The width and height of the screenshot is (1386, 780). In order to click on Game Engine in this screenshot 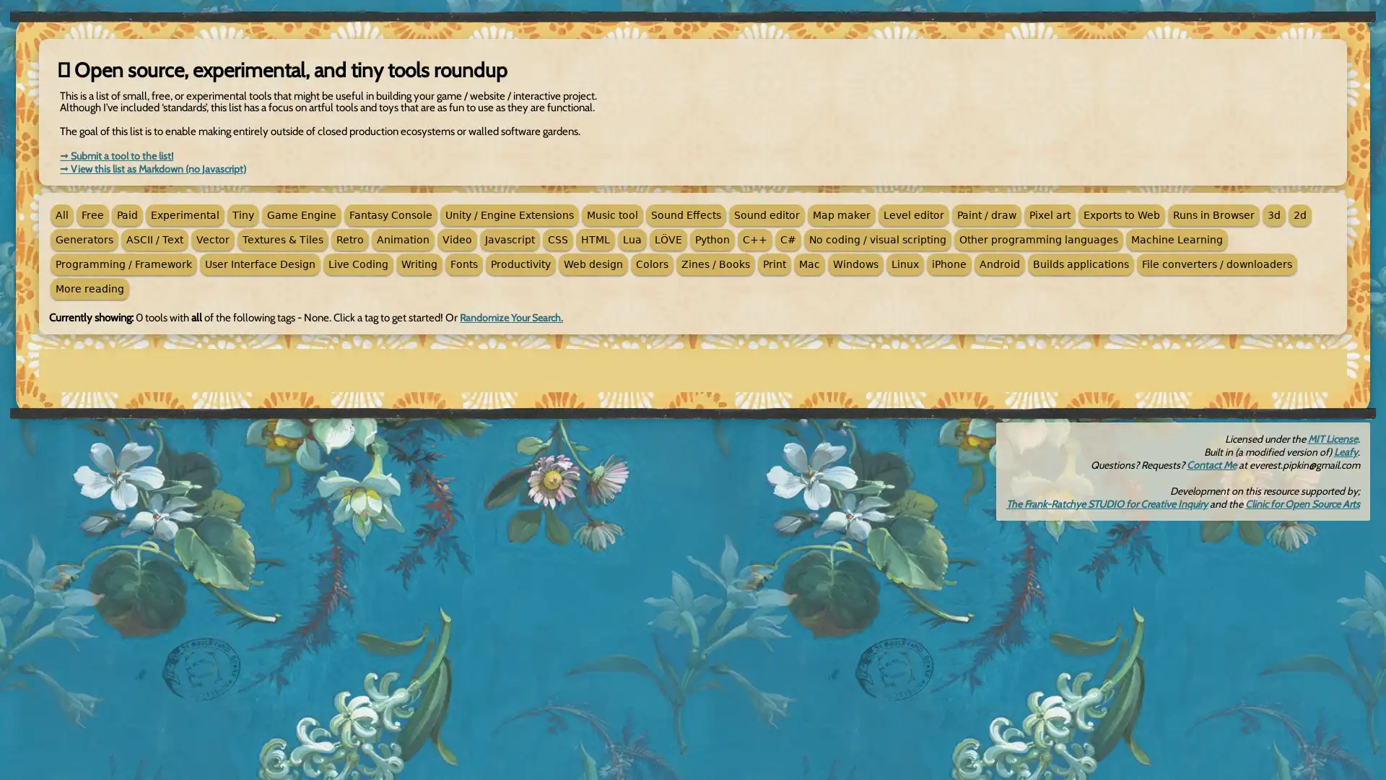, I will do `click(300, 214)`.